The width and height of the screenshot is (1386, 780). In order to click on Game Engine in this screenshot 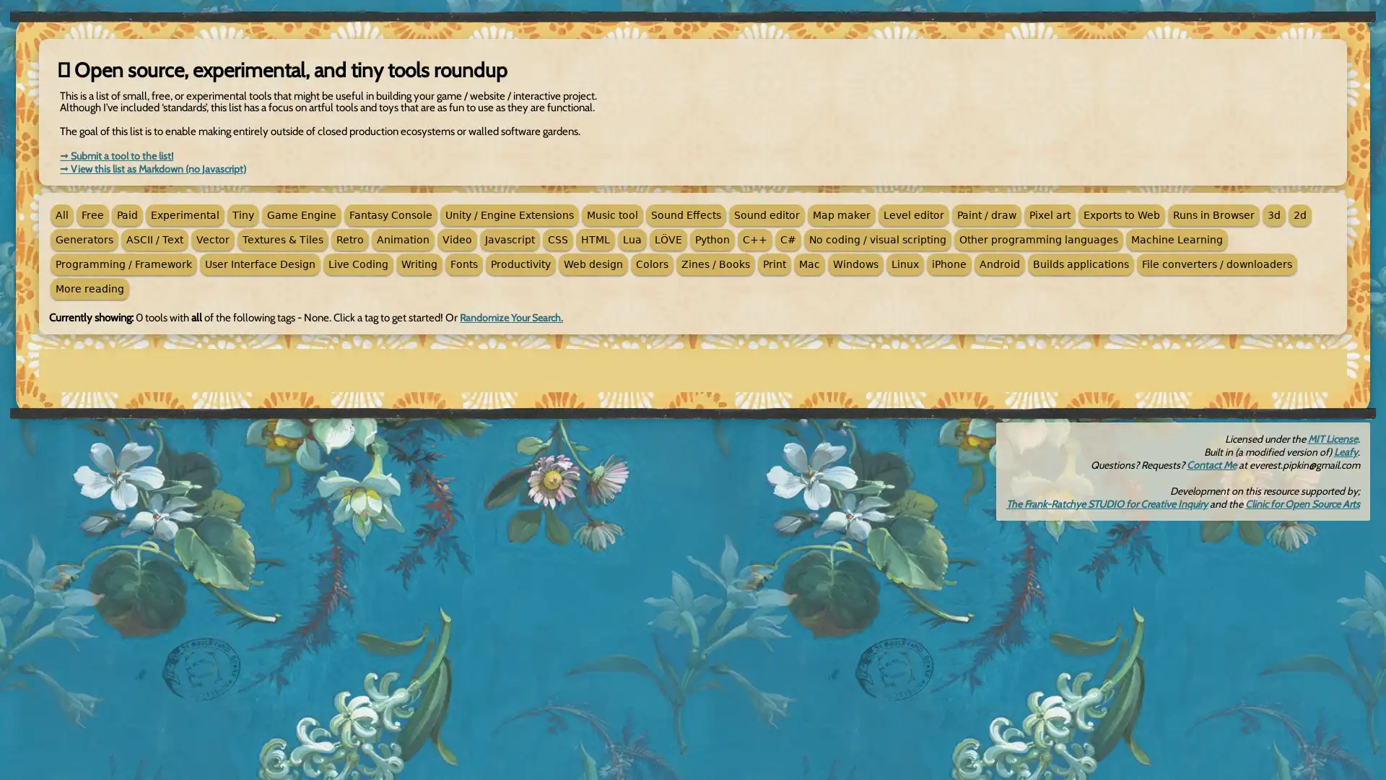, I will do `click(300, 214)`.